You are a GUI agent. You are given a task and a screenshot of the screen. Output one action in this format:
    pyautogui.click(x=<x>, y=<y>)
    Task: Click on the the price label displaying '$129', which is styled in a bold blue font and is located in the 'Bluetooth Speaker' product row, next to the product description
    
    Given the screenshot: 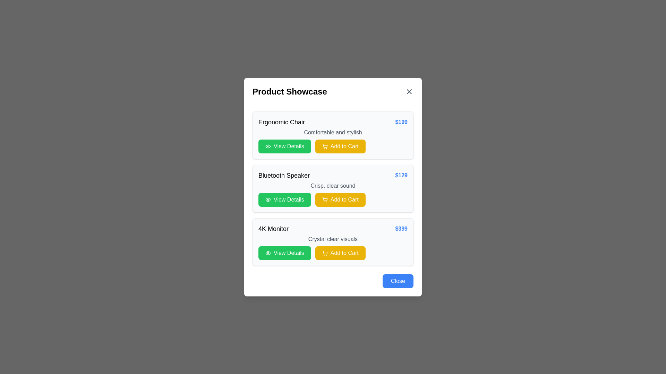 What is the action you would take?
    pyautogui.click(x=401, y=175)
    